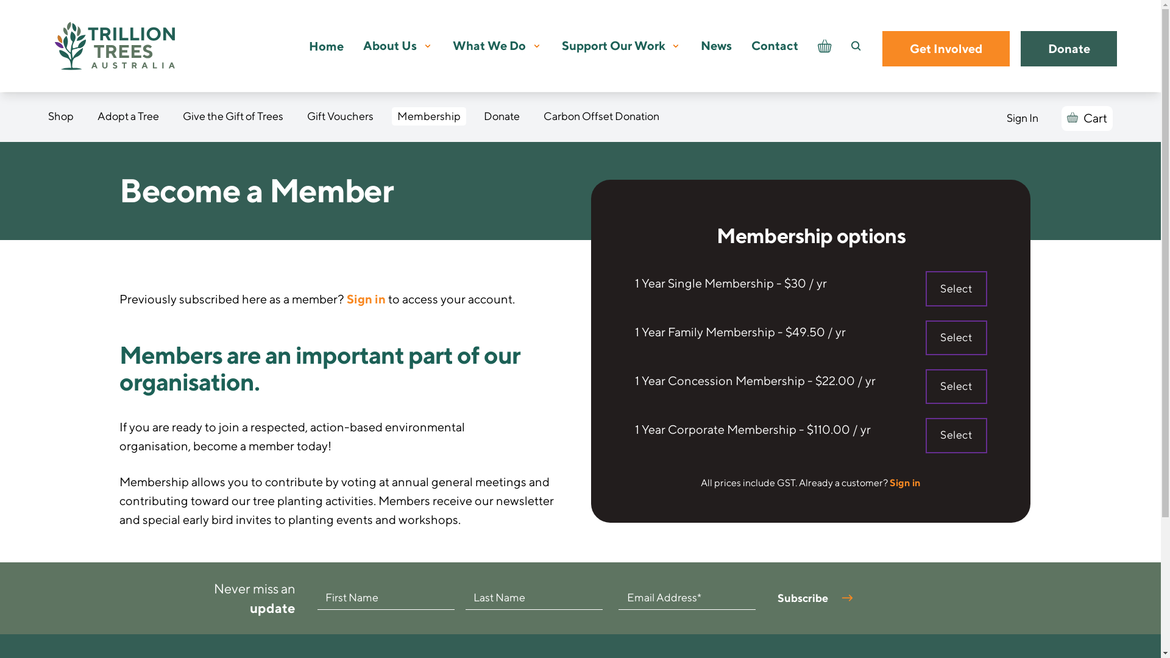 This screenshot has height=658, width=1170. I want to click on 'Cart', so click(1087, 118).